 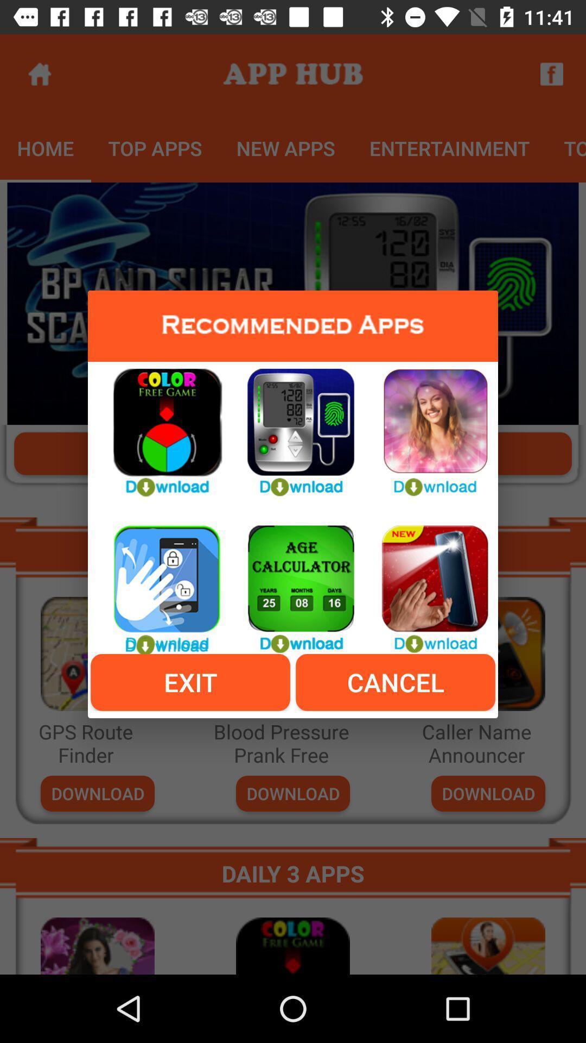 What do you see at coordinates (426, 582) in the screenshot?
I see `for some image` at bounding box center [426, 582].